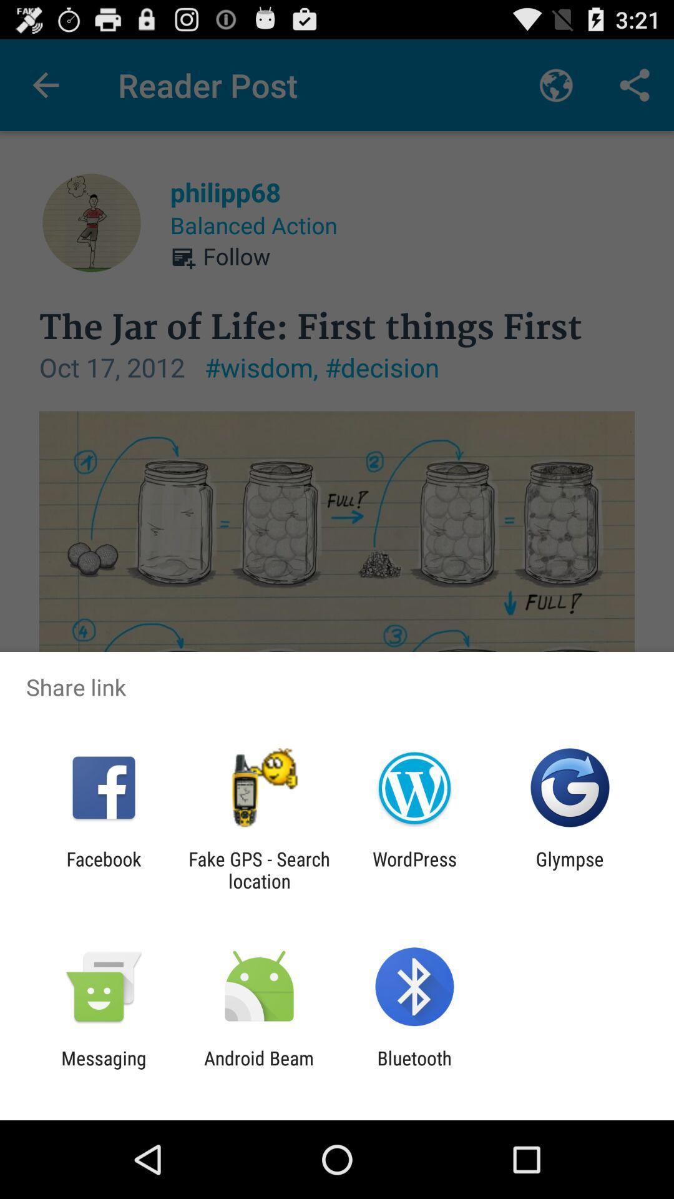 This screenshot has height=1199, width=674. I want to click on the bluetooth item, so click(414, 1068).